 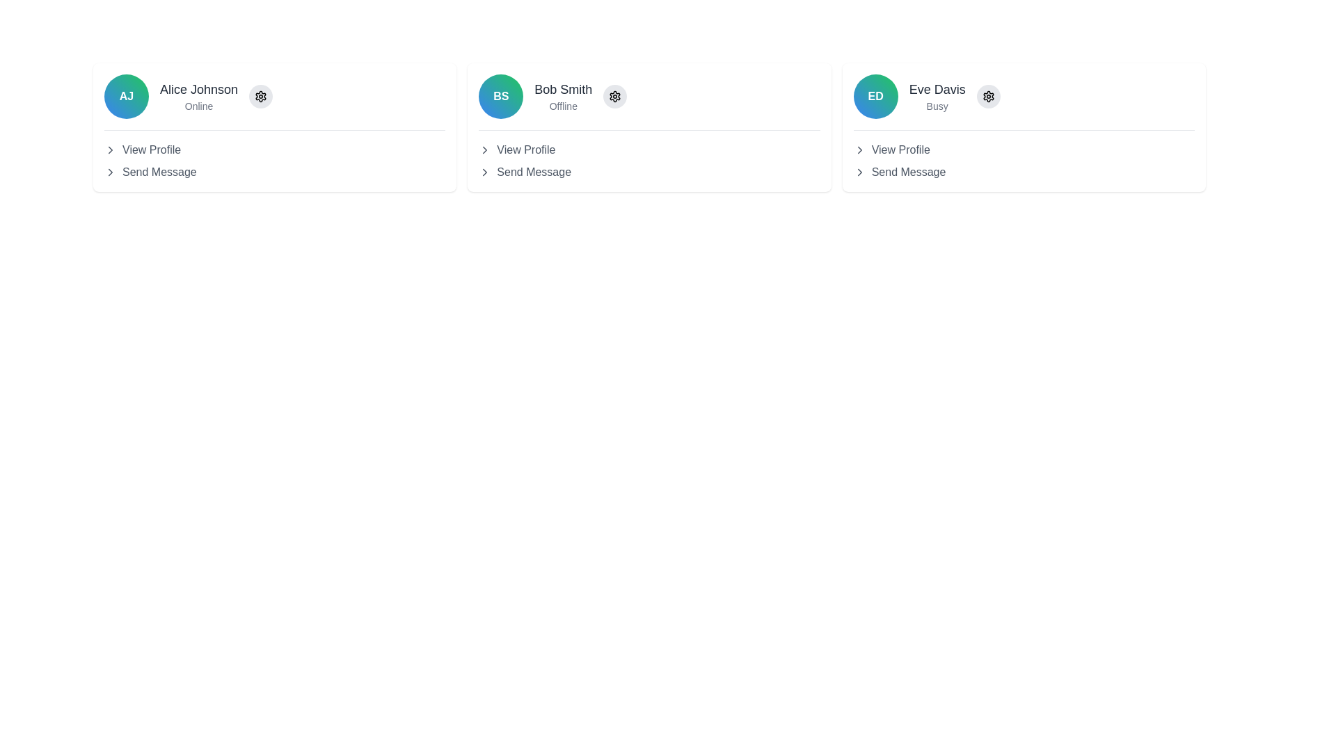 I want to click on the right-pointing chevron icon located to the left of the 'View Profile' text in the 'Eve Davis' user card, so click(x=859, y=150).